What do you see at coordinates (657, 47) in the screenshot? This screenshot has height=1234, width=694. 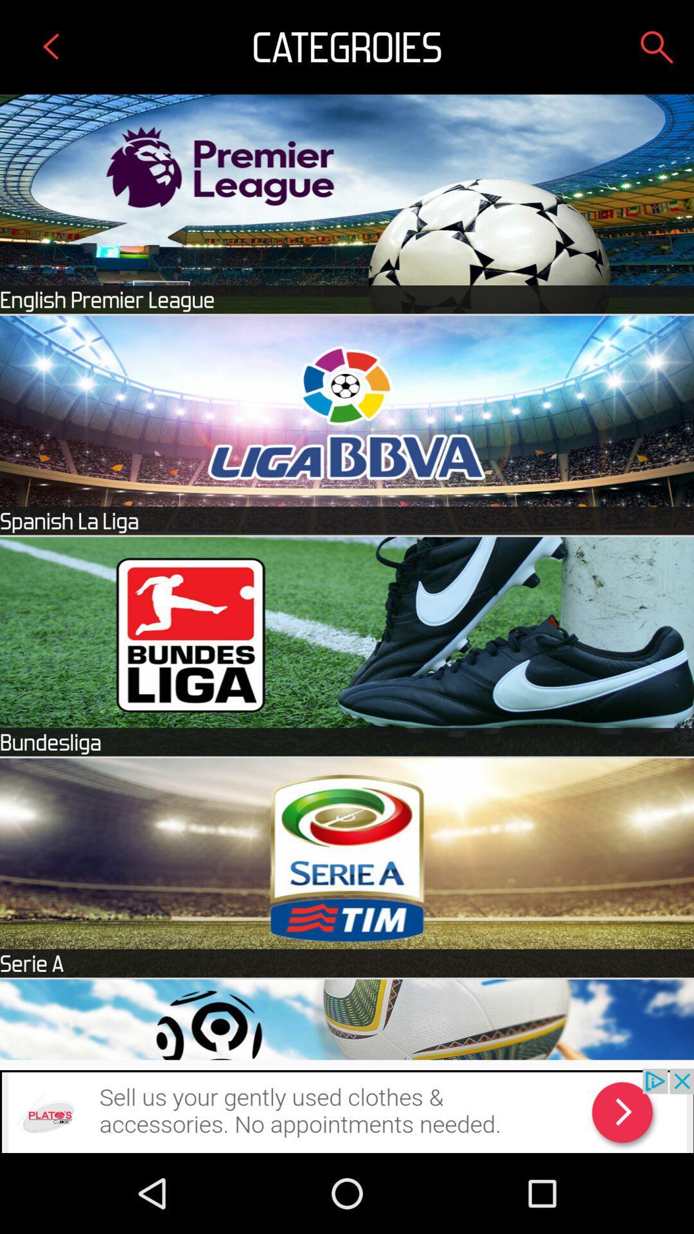 I see `new search` at bounding box center [657, 47].